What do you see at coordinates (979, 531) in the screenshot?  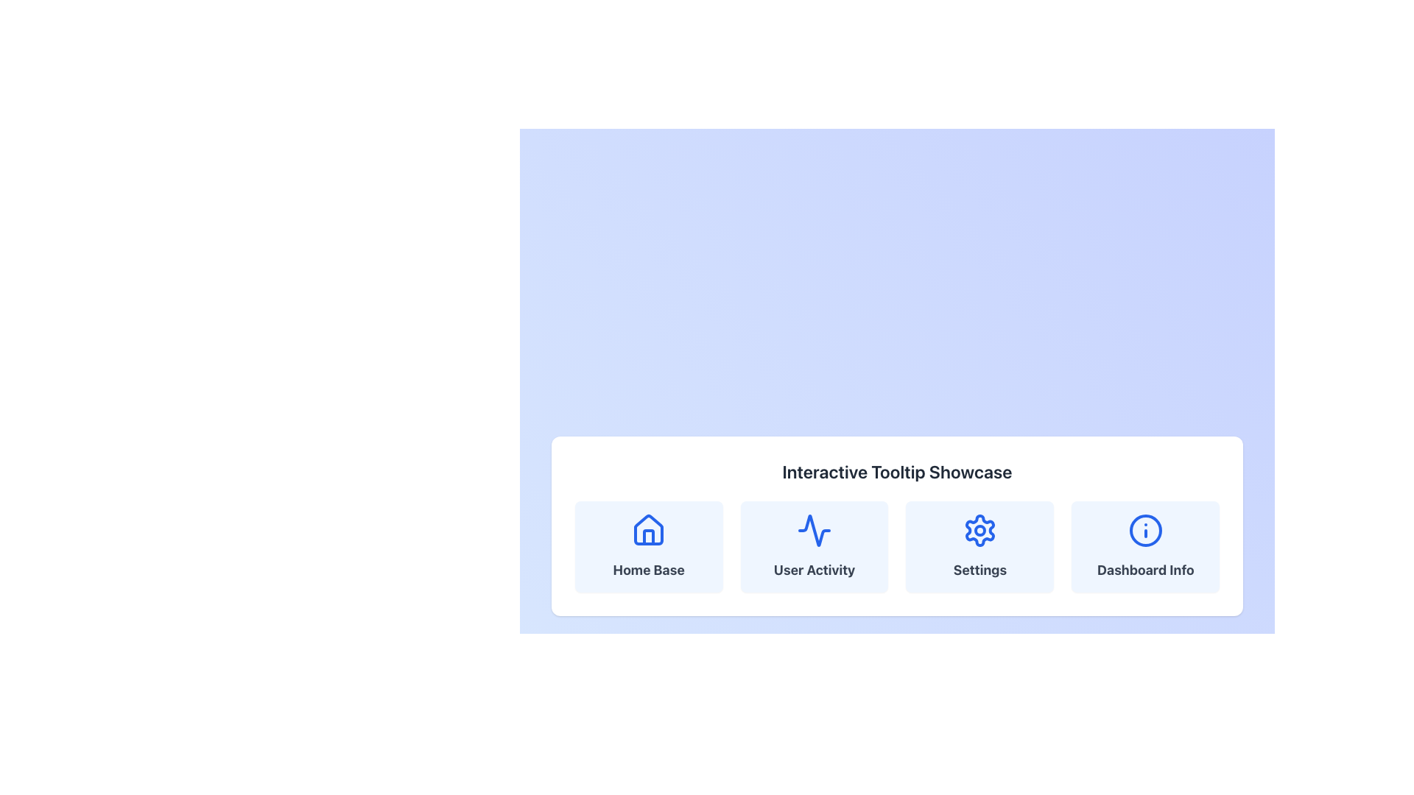 I see `the settings icon button located in the third section of the row of four buttons at the bottom of the interface` at bounding box center [979, 531].